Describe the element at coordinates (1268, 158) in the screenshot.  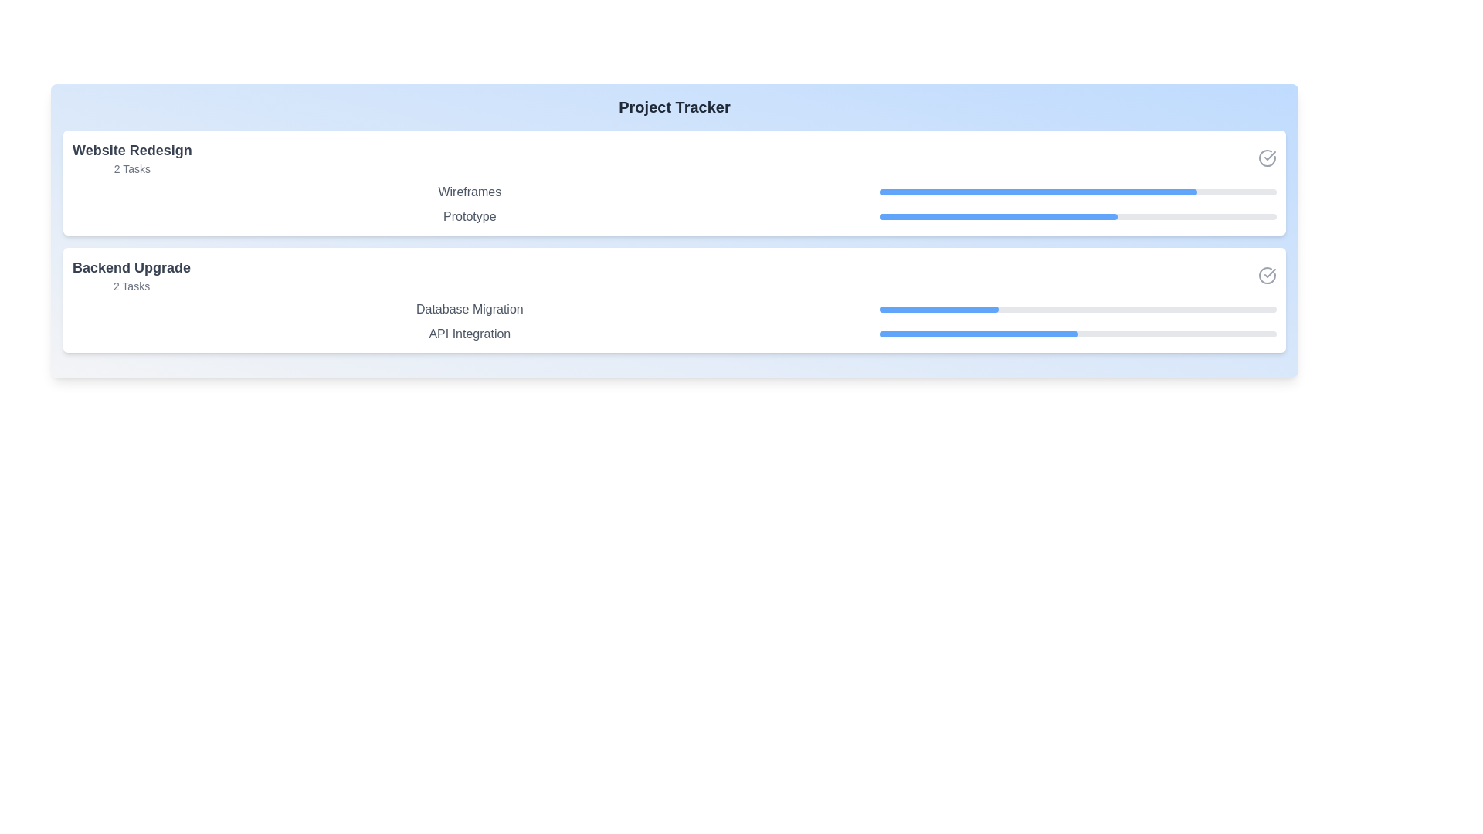
I see `the status indicator icon located in the top-right corner of the task card for 'Website Redesign'` at that location.